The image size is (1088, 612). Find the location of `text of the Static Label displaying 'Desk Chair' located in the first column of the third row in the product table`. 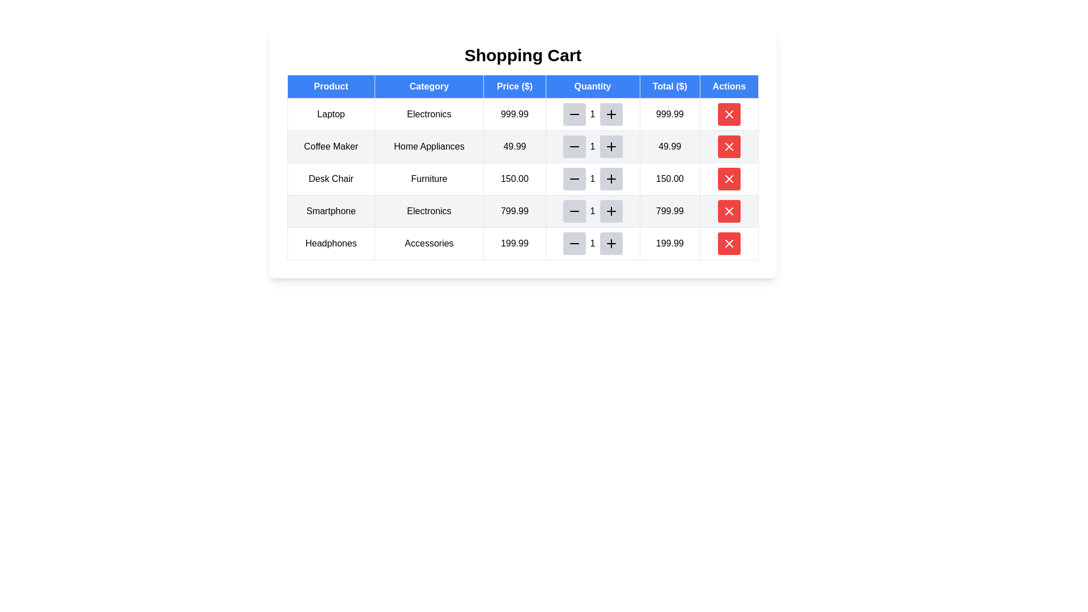

text of the Static Label displaying 'Desk Chair' located in the first column of the third row in the product table is located at coordinates (330, 178).